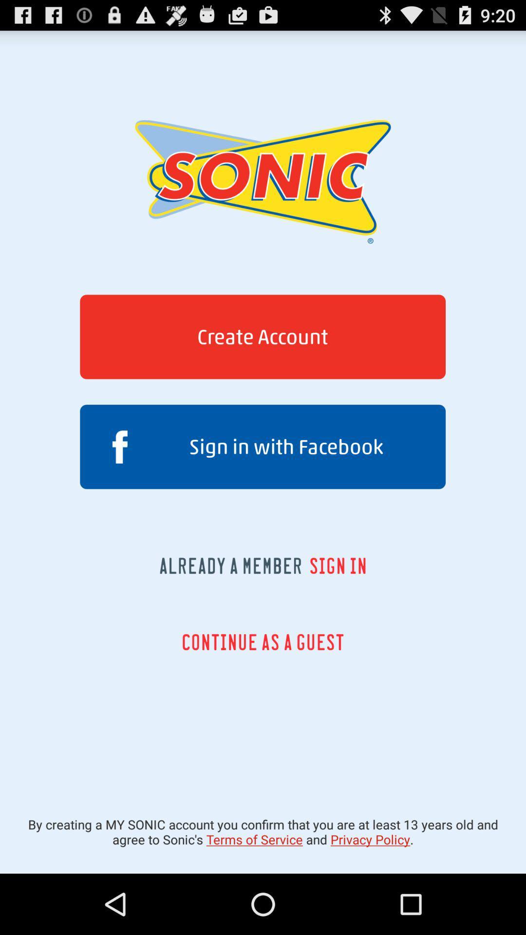 This screenshot has width=526, height=935. Describe the element at coordinates (262, 642) in the screenshot. I see `the icon below the already a member icon` at that location.